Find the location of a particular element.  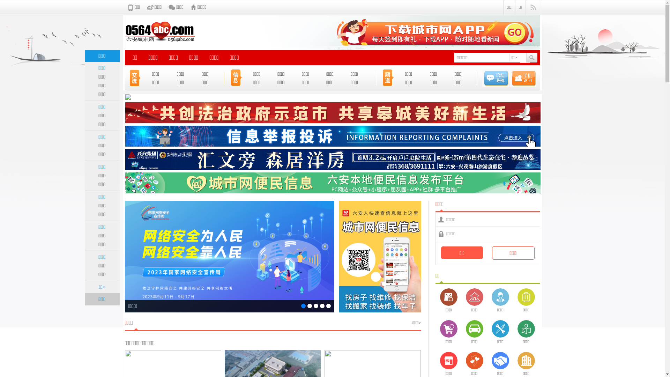

'  ' is located at coordinates (525, 57).